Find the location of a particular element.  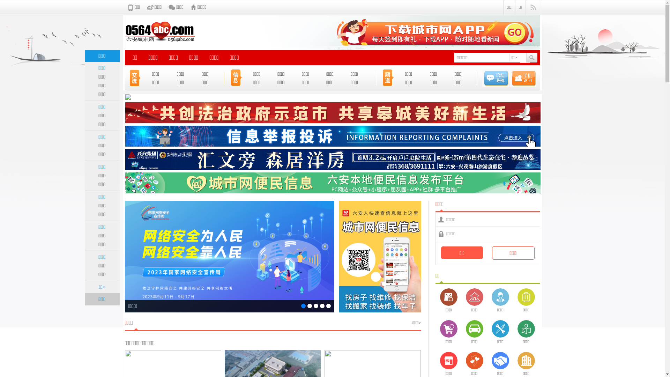

'  ' is located at coordinates (525, 57).